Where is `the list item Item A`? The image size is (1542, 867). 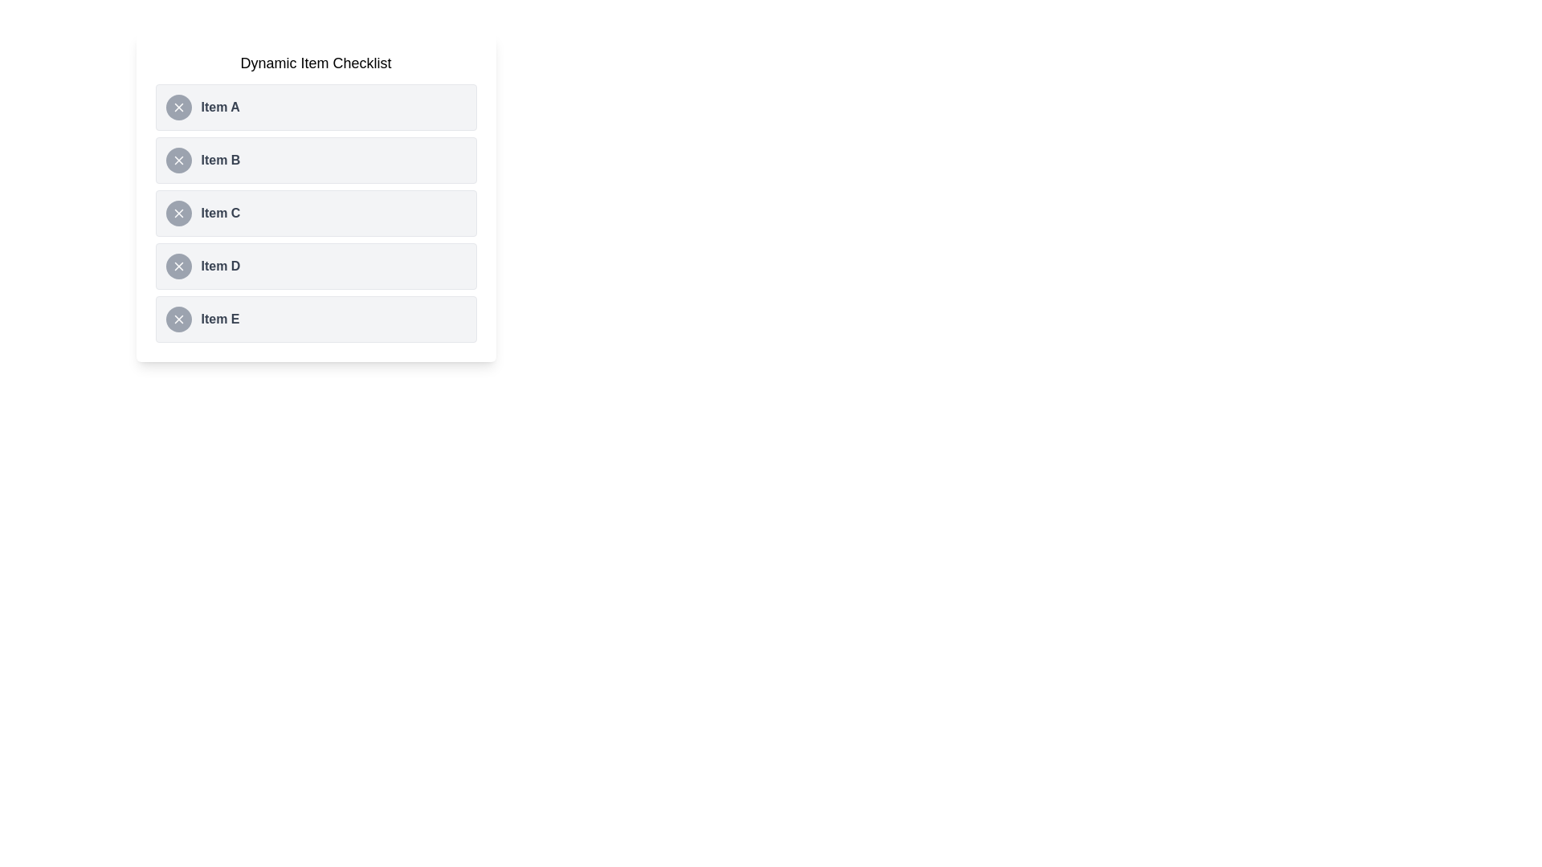
the list item Item A is located at coordinates (316, 108).